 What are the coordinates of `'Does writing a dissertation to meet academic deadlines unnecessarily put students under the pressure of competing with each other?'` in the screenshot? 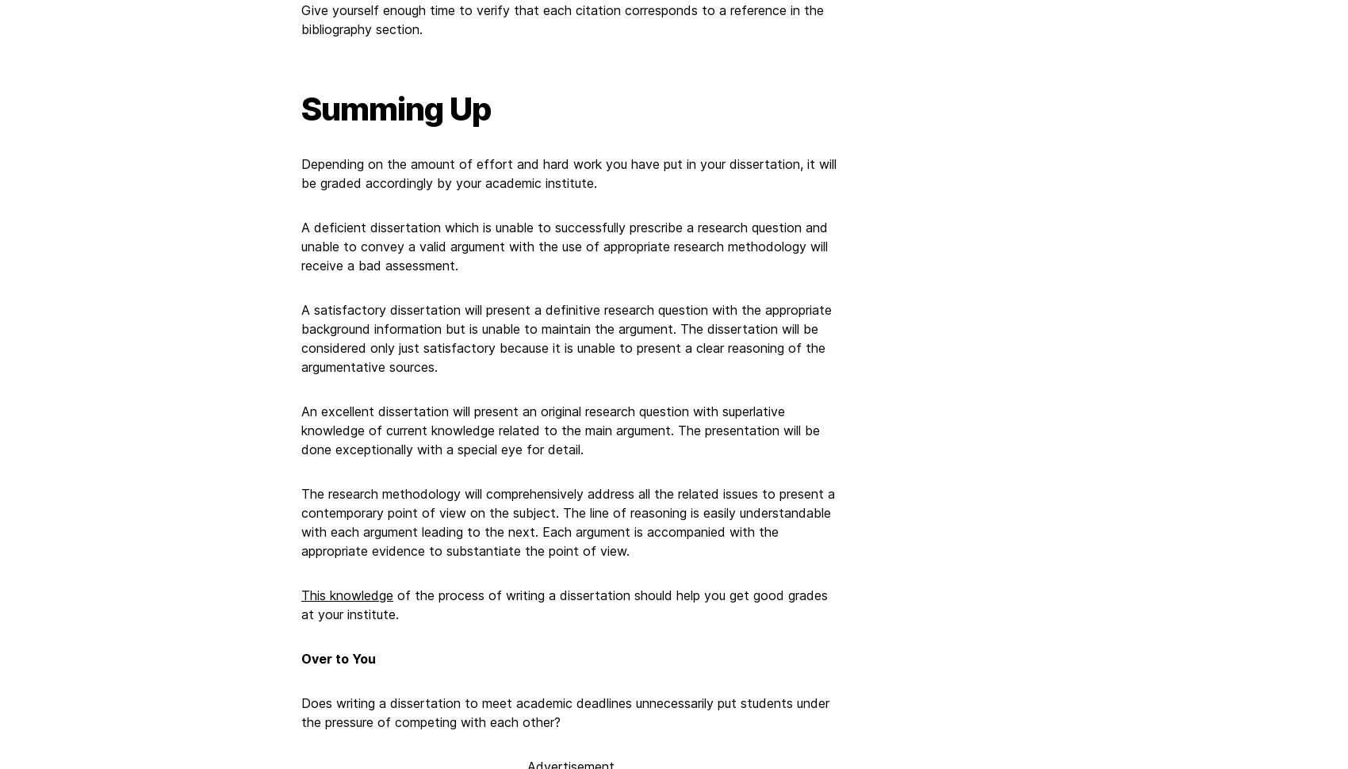 It's located at (565, 712).